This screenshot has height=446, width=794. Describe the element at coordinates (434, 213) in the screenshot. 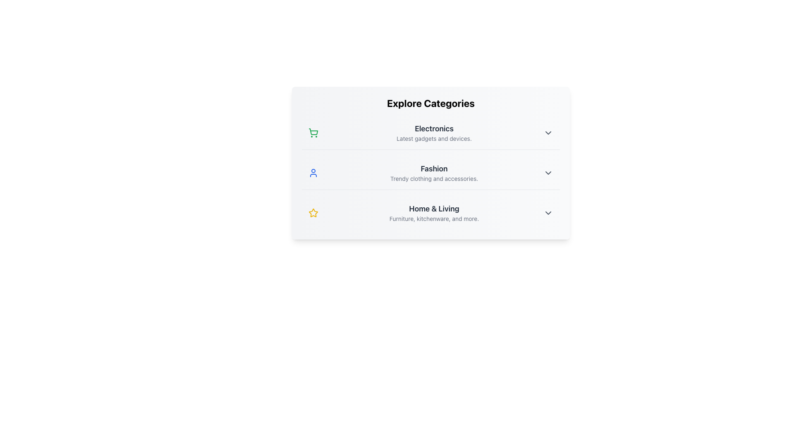

I see `the 'Home & Living' category label in the 'Explore Categories' section` at that location.